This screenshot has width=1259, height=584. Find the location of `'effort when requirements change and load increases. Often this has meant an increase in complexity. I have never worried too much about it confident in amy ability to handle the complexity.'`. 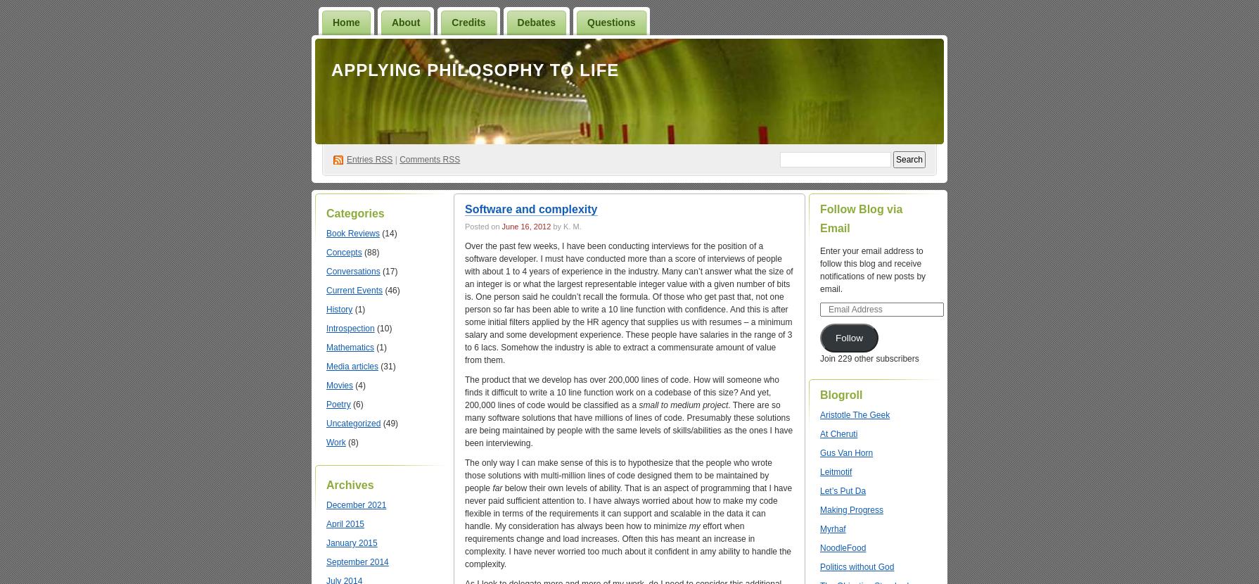

'effort when requirements change and load increases. Often this has meant an increase in complexity. I have never worried too much about it confident in amy ability to handle the complexity.' is located at coordinates (627, 545).